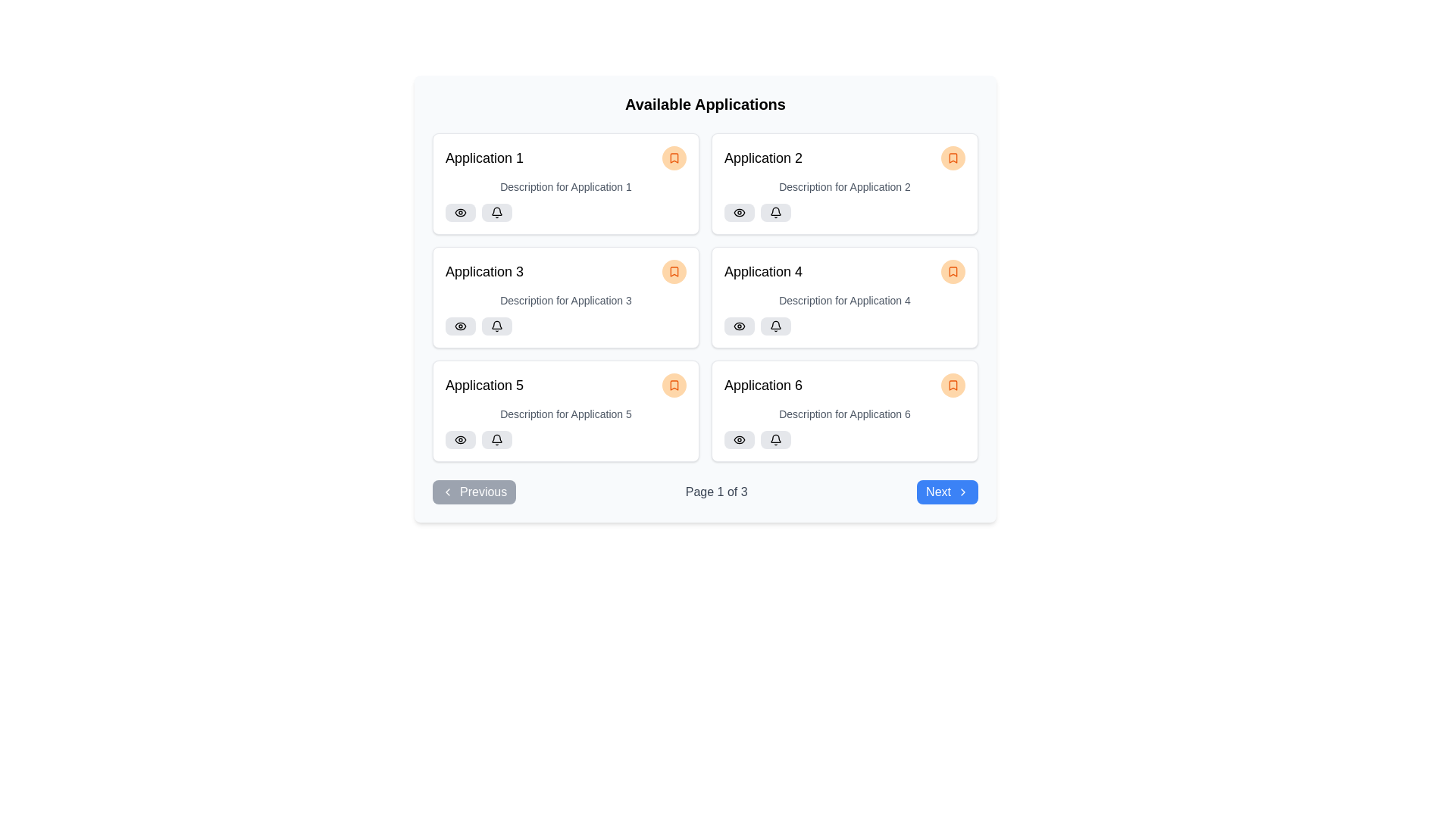  Describe the element at coordinates (497, 213) in the screenshot. I see `the notification button, which is the second icon` at that location.